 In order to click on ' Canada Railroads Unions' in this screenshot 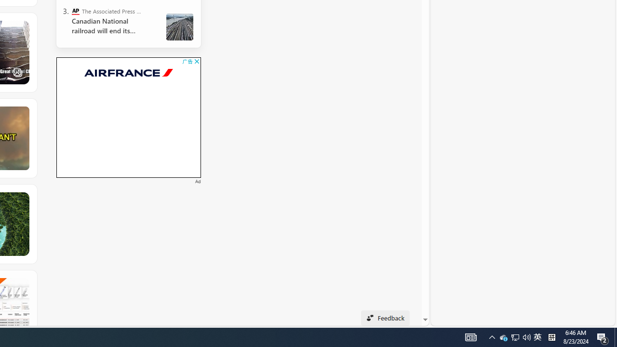, I will do `click(180, 27)`.